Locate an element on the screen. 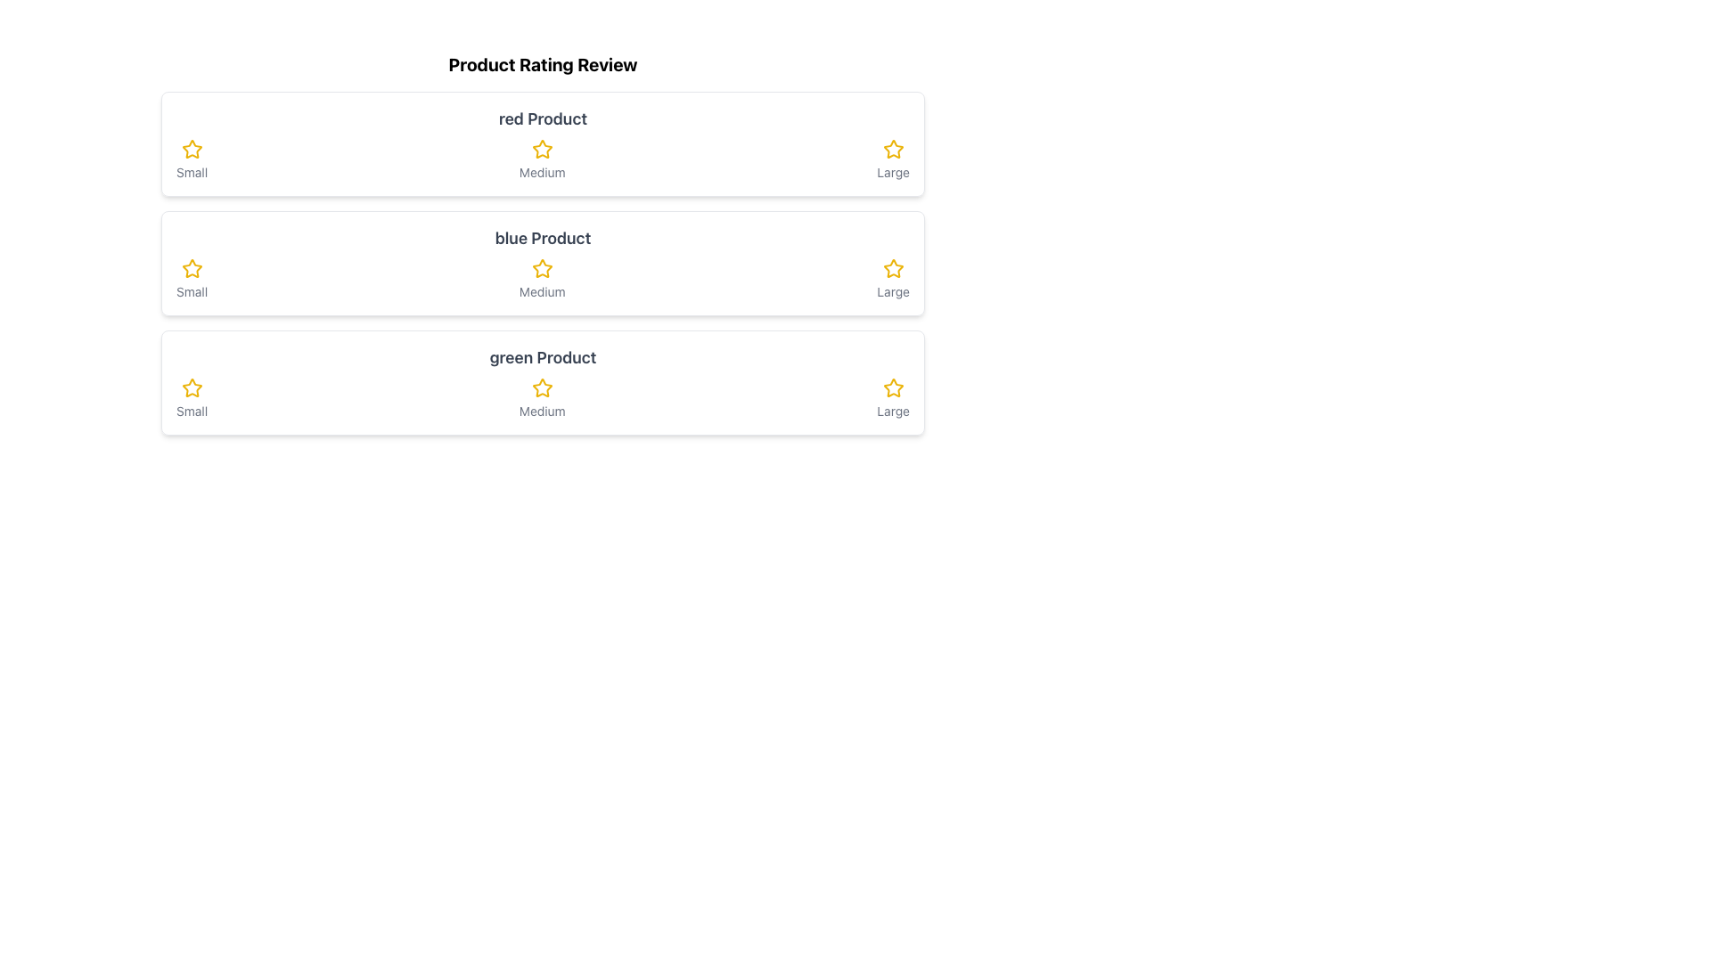 The image size is (1711, 962). the yellow star icon within the 'green Product' card to assign a rating is located at coordinates (542, 381).